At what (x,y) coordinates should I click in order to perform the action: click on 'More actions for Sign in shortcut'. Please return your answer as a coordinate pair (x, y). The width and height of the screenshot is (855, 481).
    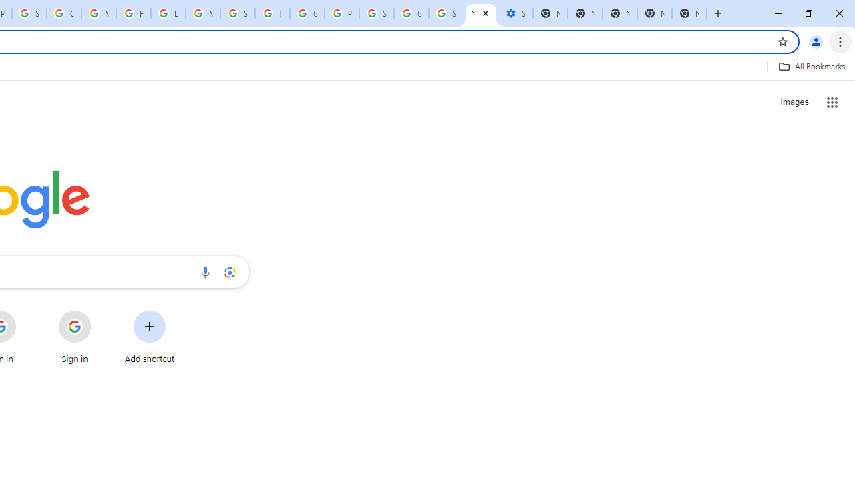
    Looking at the image, I should click on (101, 311).